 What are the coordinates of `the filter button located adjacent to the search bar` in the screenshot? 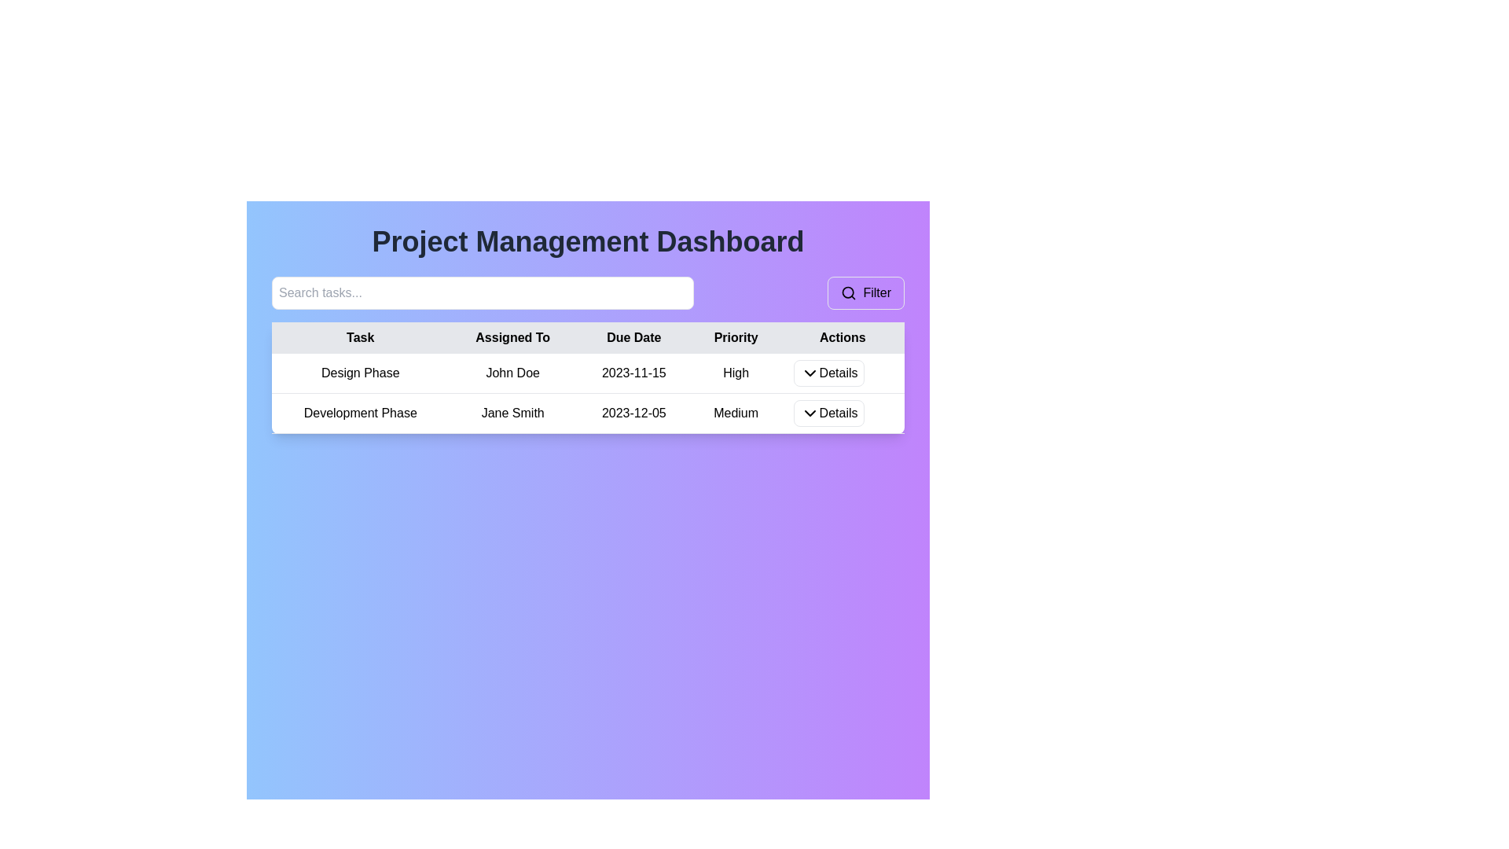 It's located at (865, 293).